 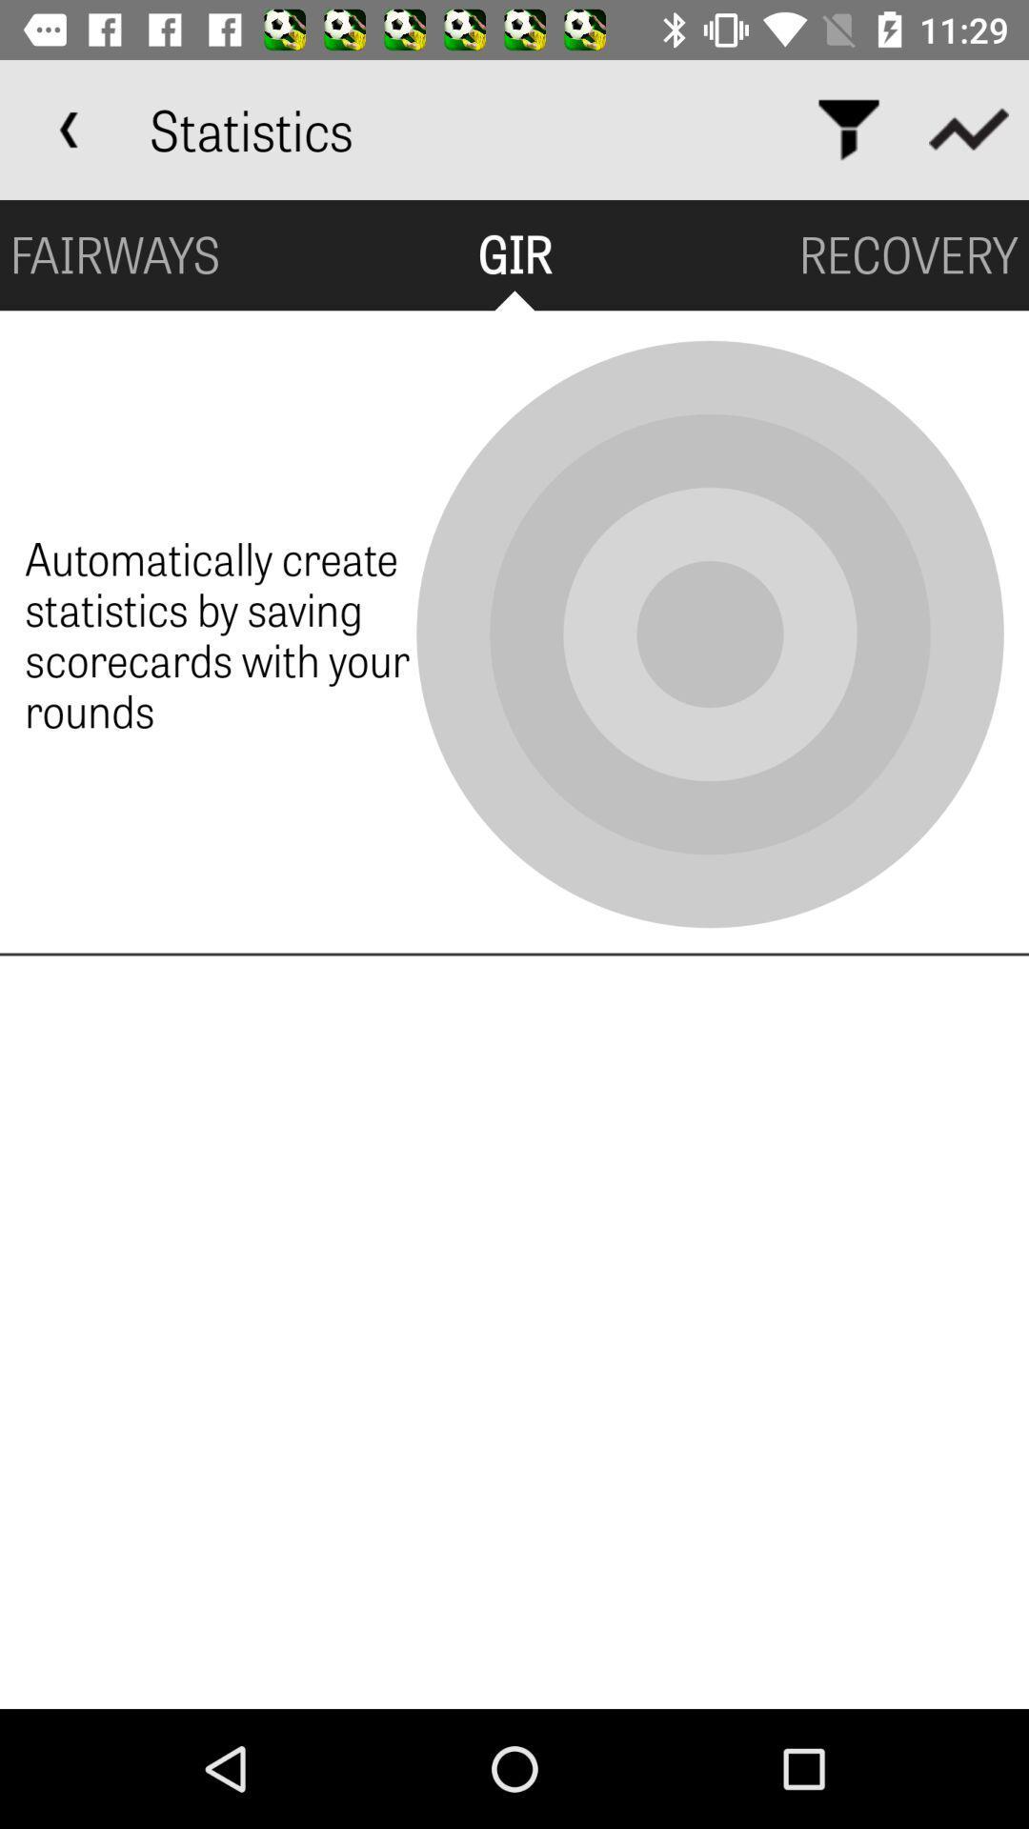 I want to click on app next to the statistics app, so click(x=69, y=129).